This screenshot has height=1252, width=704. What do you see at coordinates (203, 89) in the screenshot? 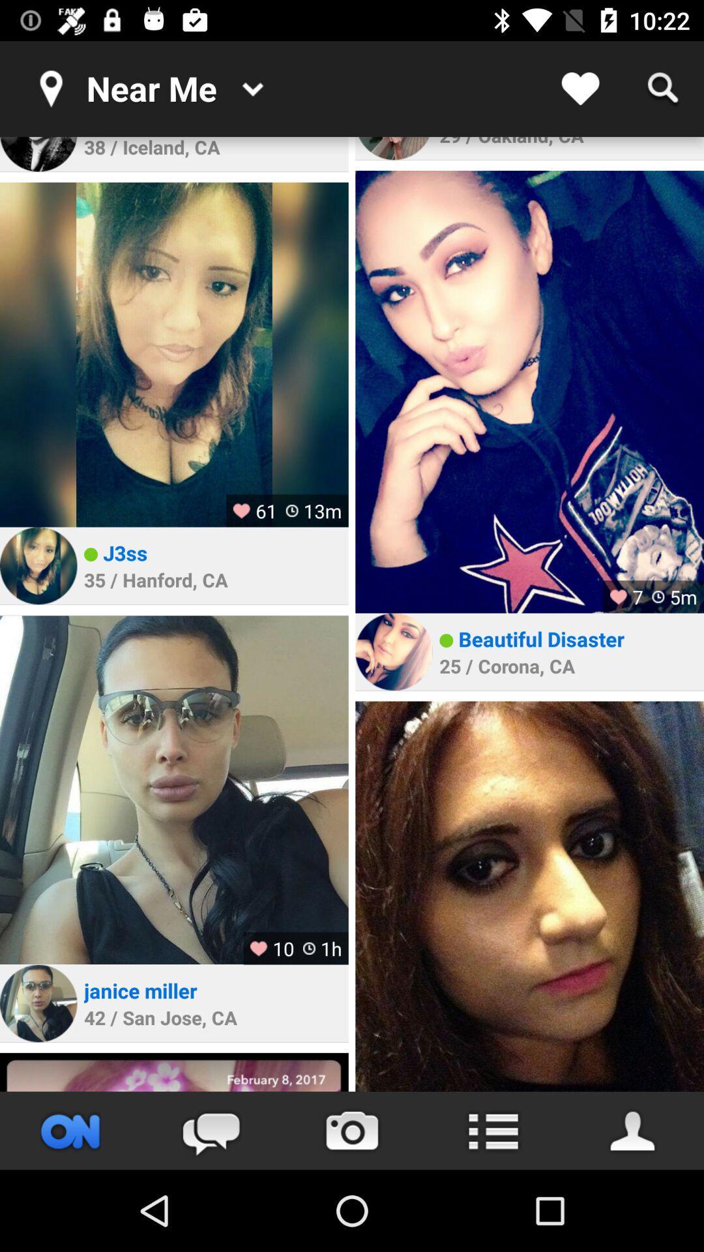
I see `the text near me` at bounding box center [203, 89].